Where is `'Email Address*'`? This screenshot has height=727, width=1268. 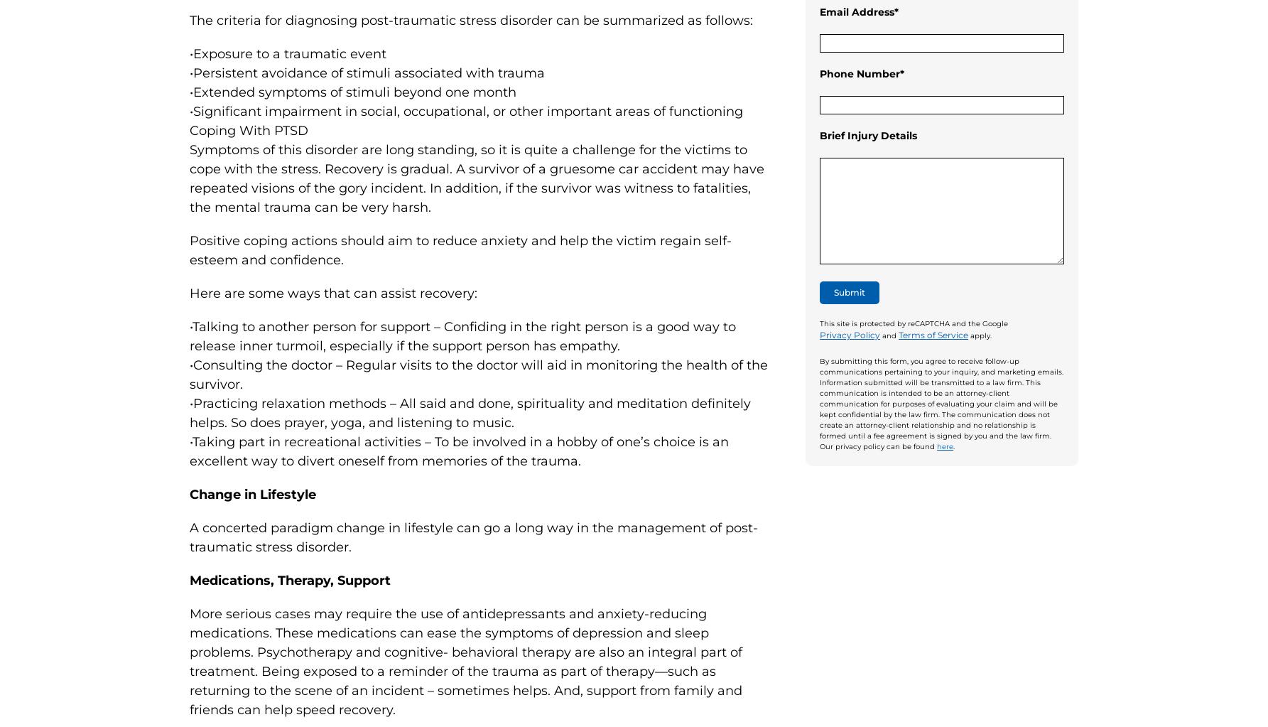
'Email Address*' is located at coordinates (858, 11).